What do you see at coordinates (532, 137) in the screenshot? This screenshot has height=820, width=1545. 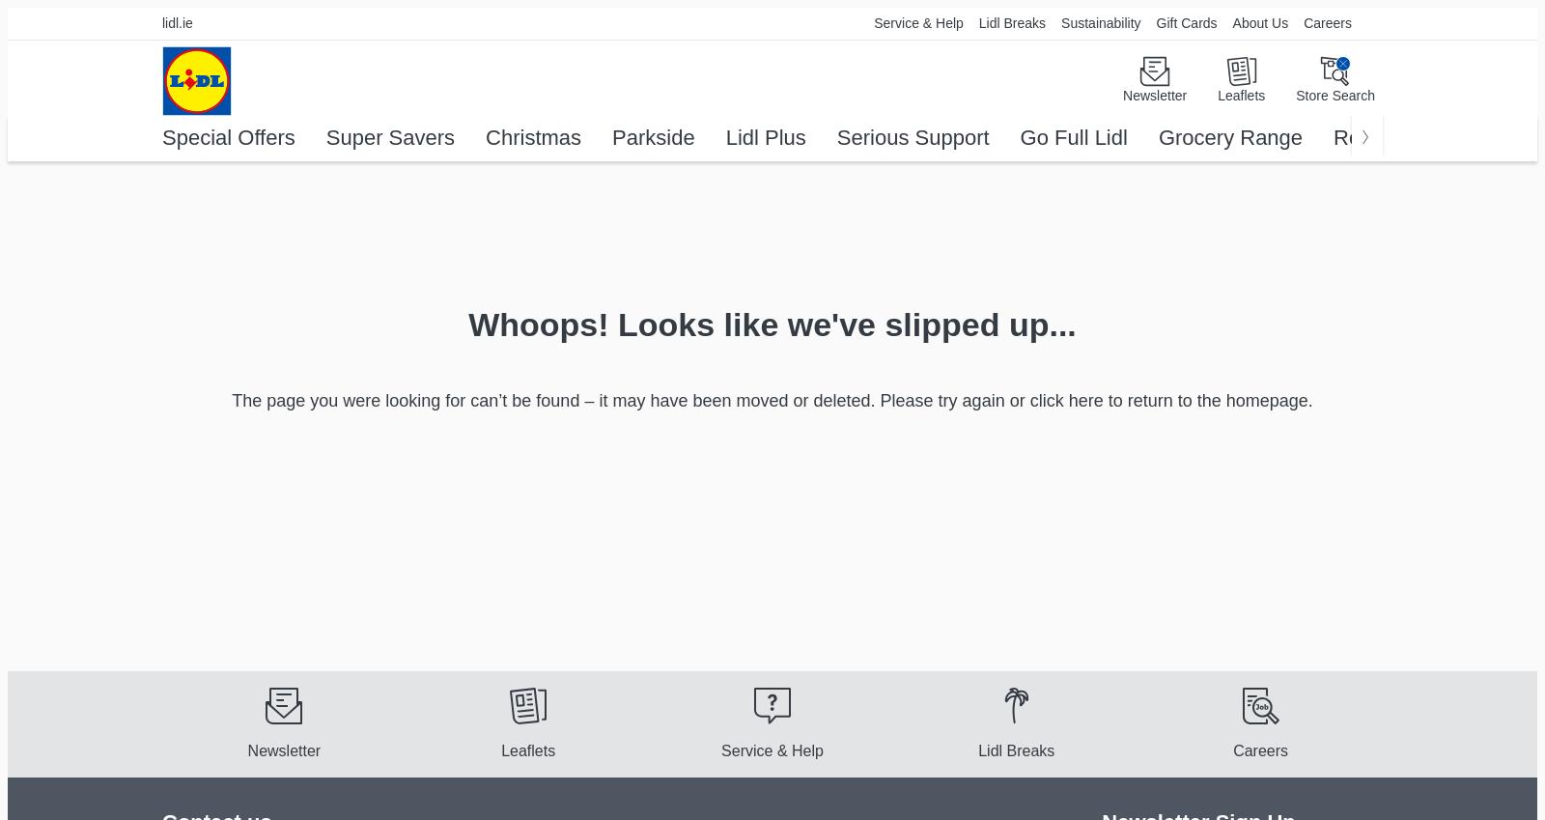 I see `'Christmas'` at bounding box center [532, 137].